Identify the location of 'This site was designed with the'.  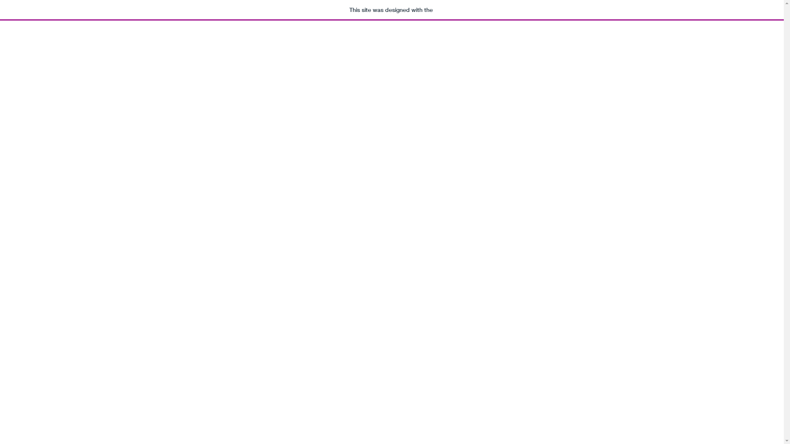
(391, 10).